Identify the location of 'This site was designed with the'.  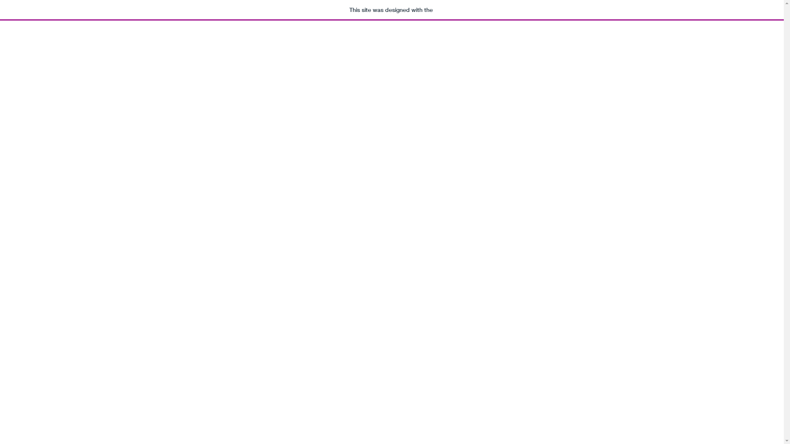
(391, 10).